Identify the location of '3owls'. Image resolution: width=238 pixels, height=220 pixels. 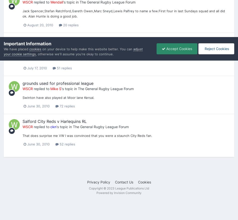
(55, 45).